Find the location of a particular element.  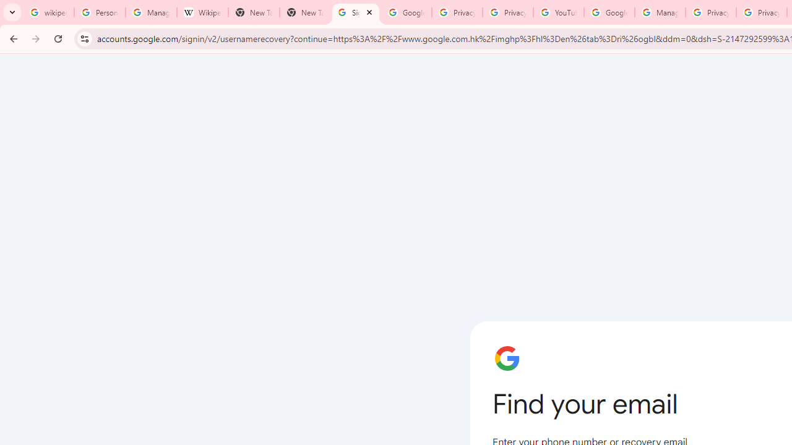

'New Tab' is located at coordinates (304, 12).